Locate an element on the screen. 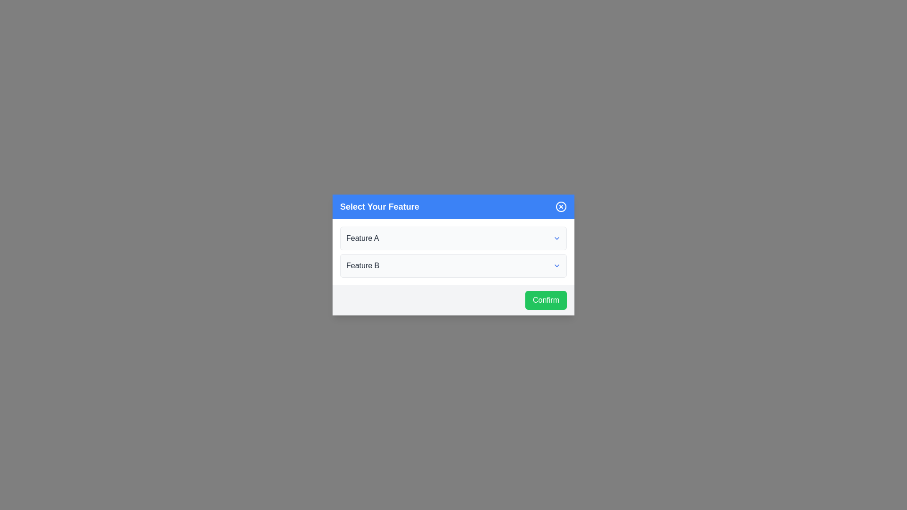 This screenshot has height=510, width=907. the text label displaying 'Feature A' in dark gray color within the selection dialog box under 'Select Your Feature' is located at coordinates (362, 238).